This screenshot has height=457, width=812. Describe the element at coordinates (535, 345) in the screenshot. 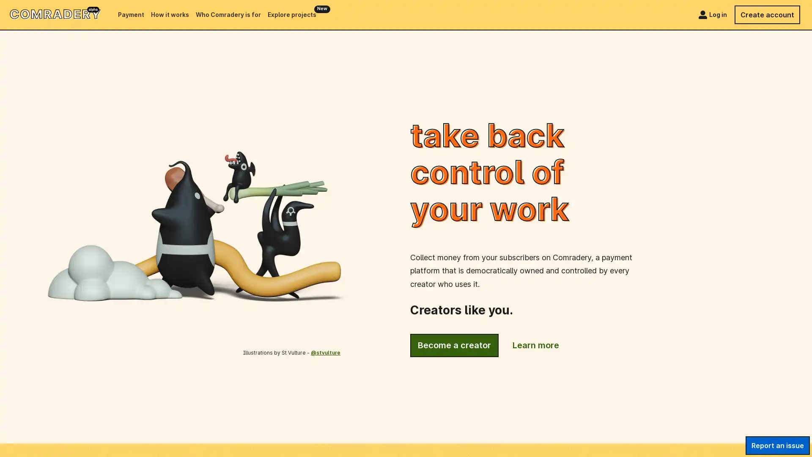

I see `Learn more` at that location.